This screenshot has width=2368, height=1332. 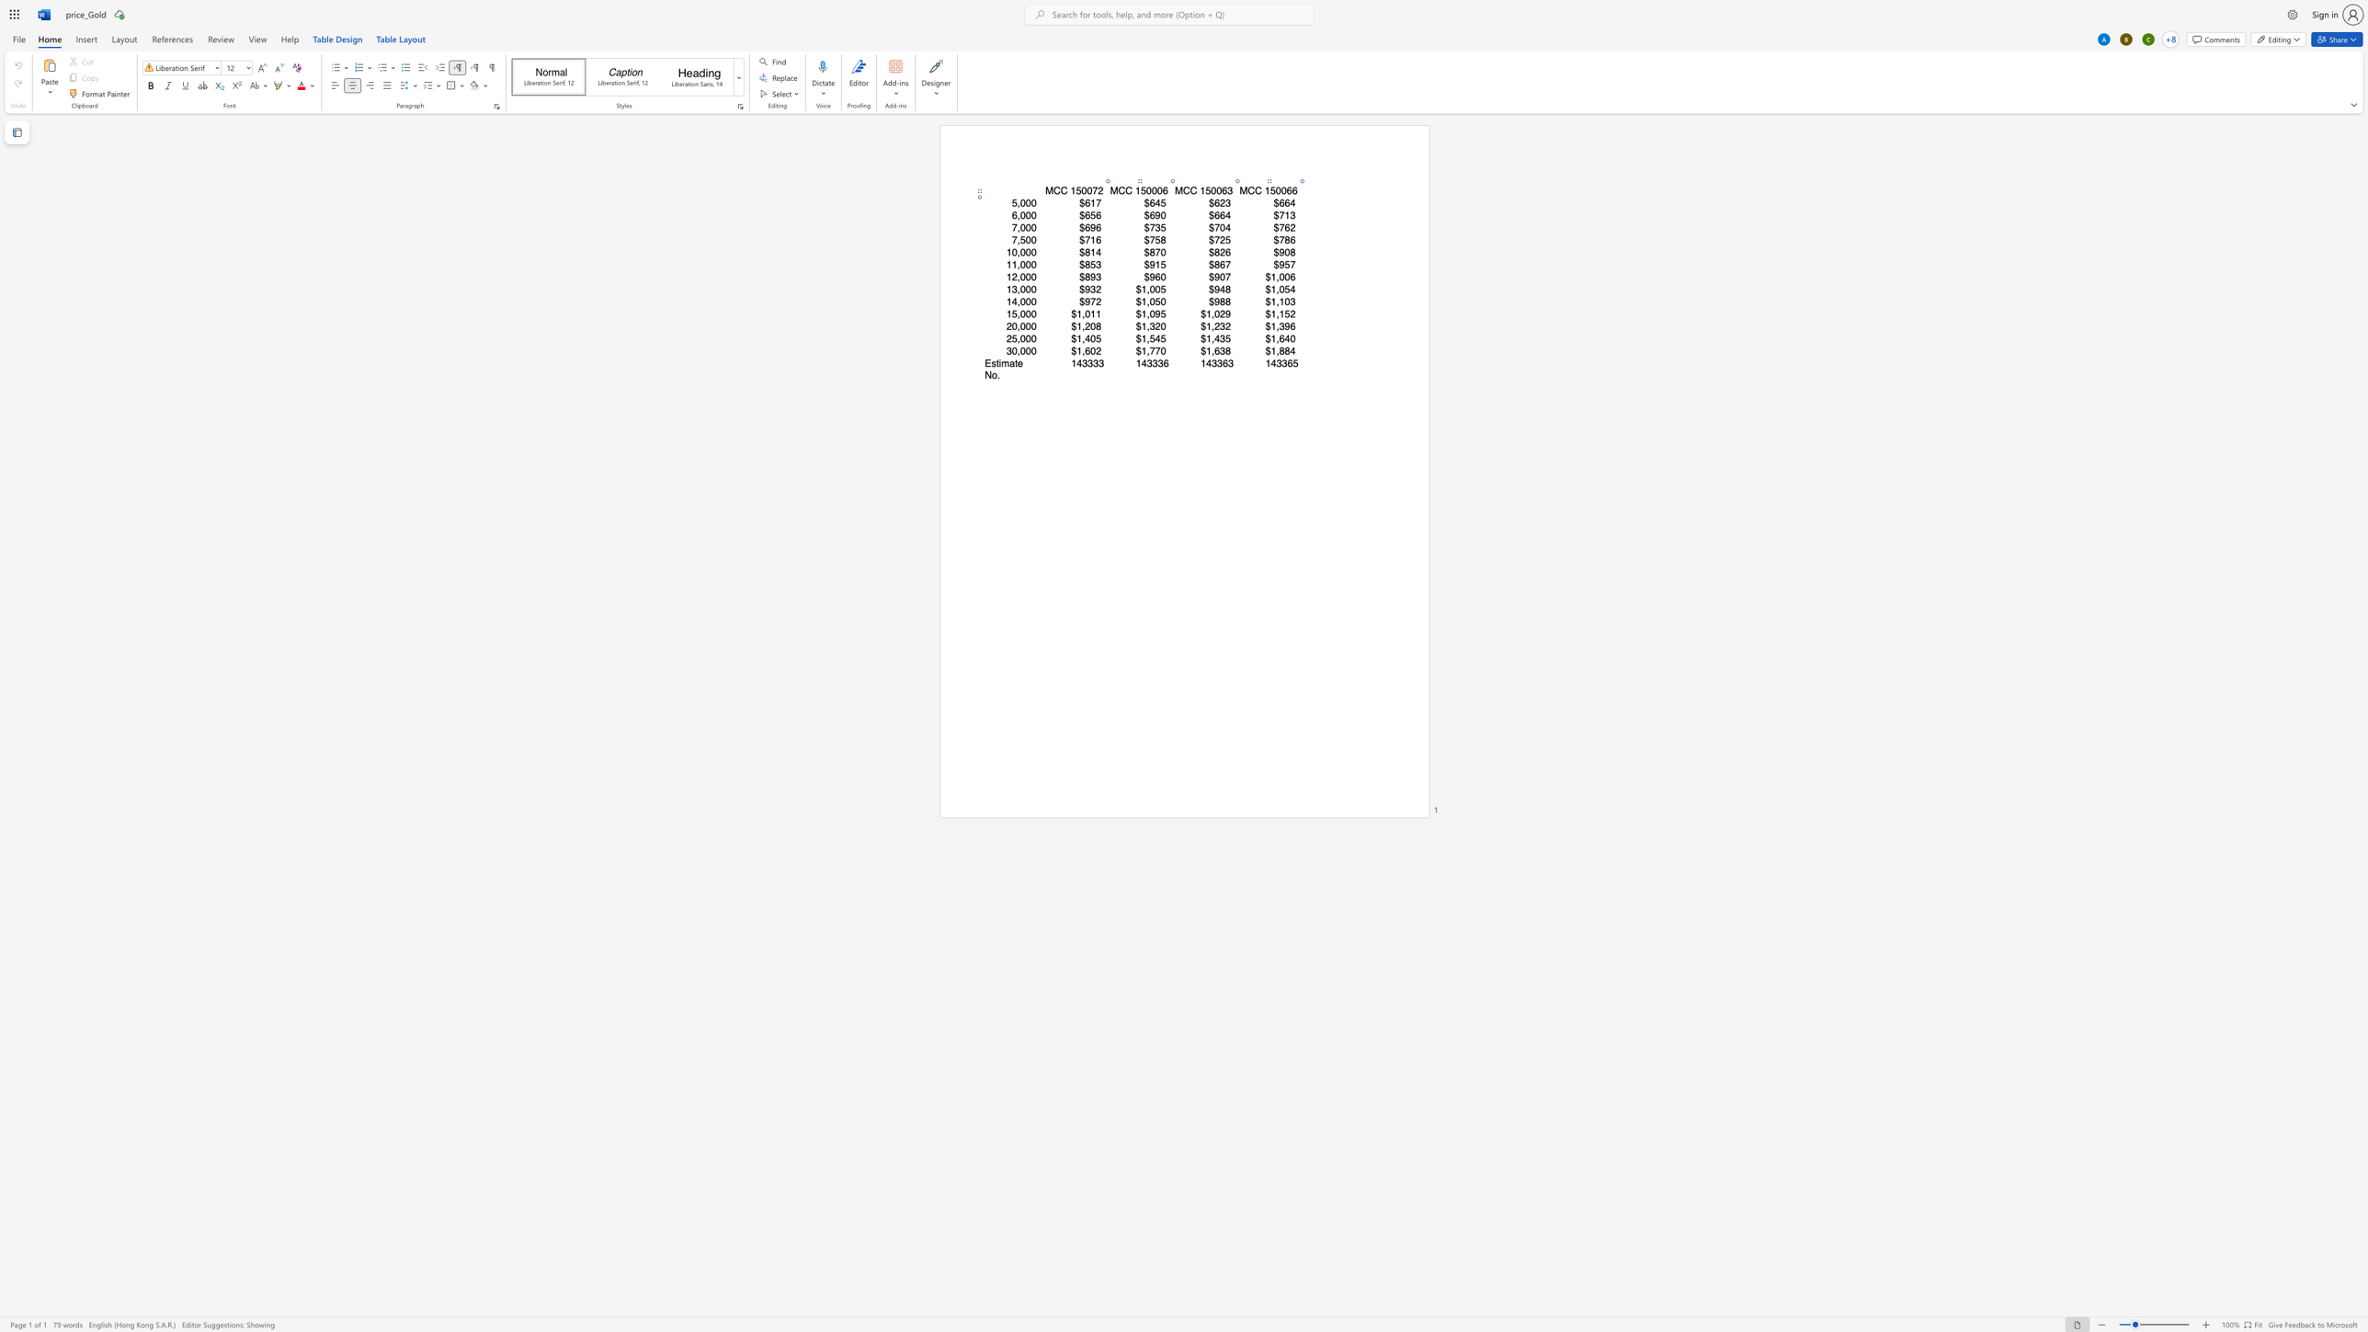 I want to click on the space between the continuous character "a" and "t" in the text, so click(x=1014, y=363).